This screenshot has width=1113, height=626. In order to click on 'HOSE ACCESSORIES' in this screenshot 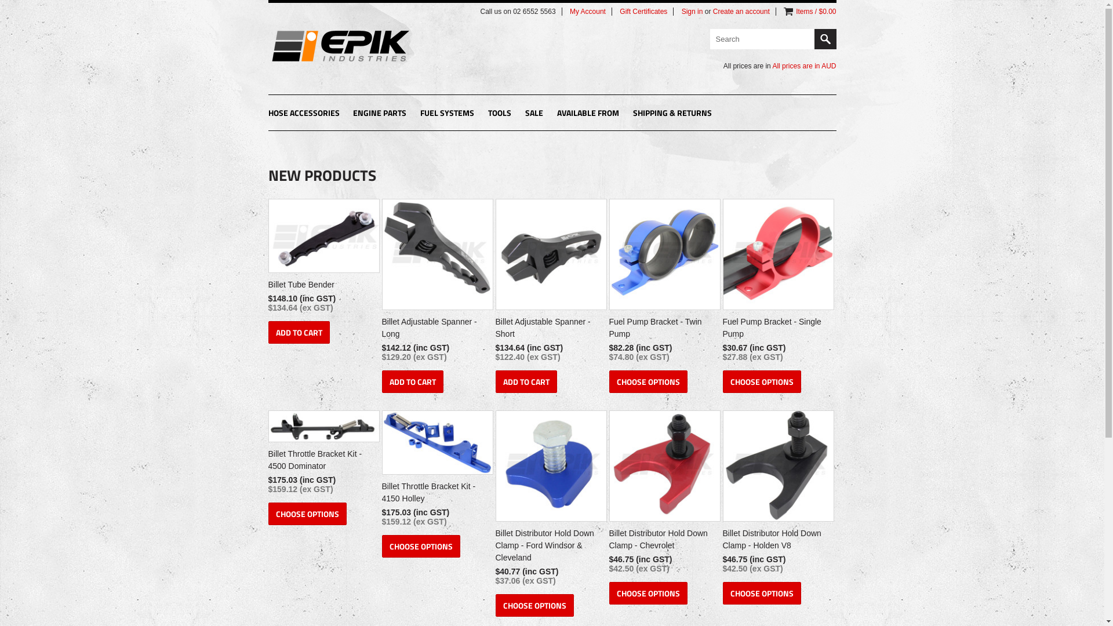, I will do `click(303, 114)`.